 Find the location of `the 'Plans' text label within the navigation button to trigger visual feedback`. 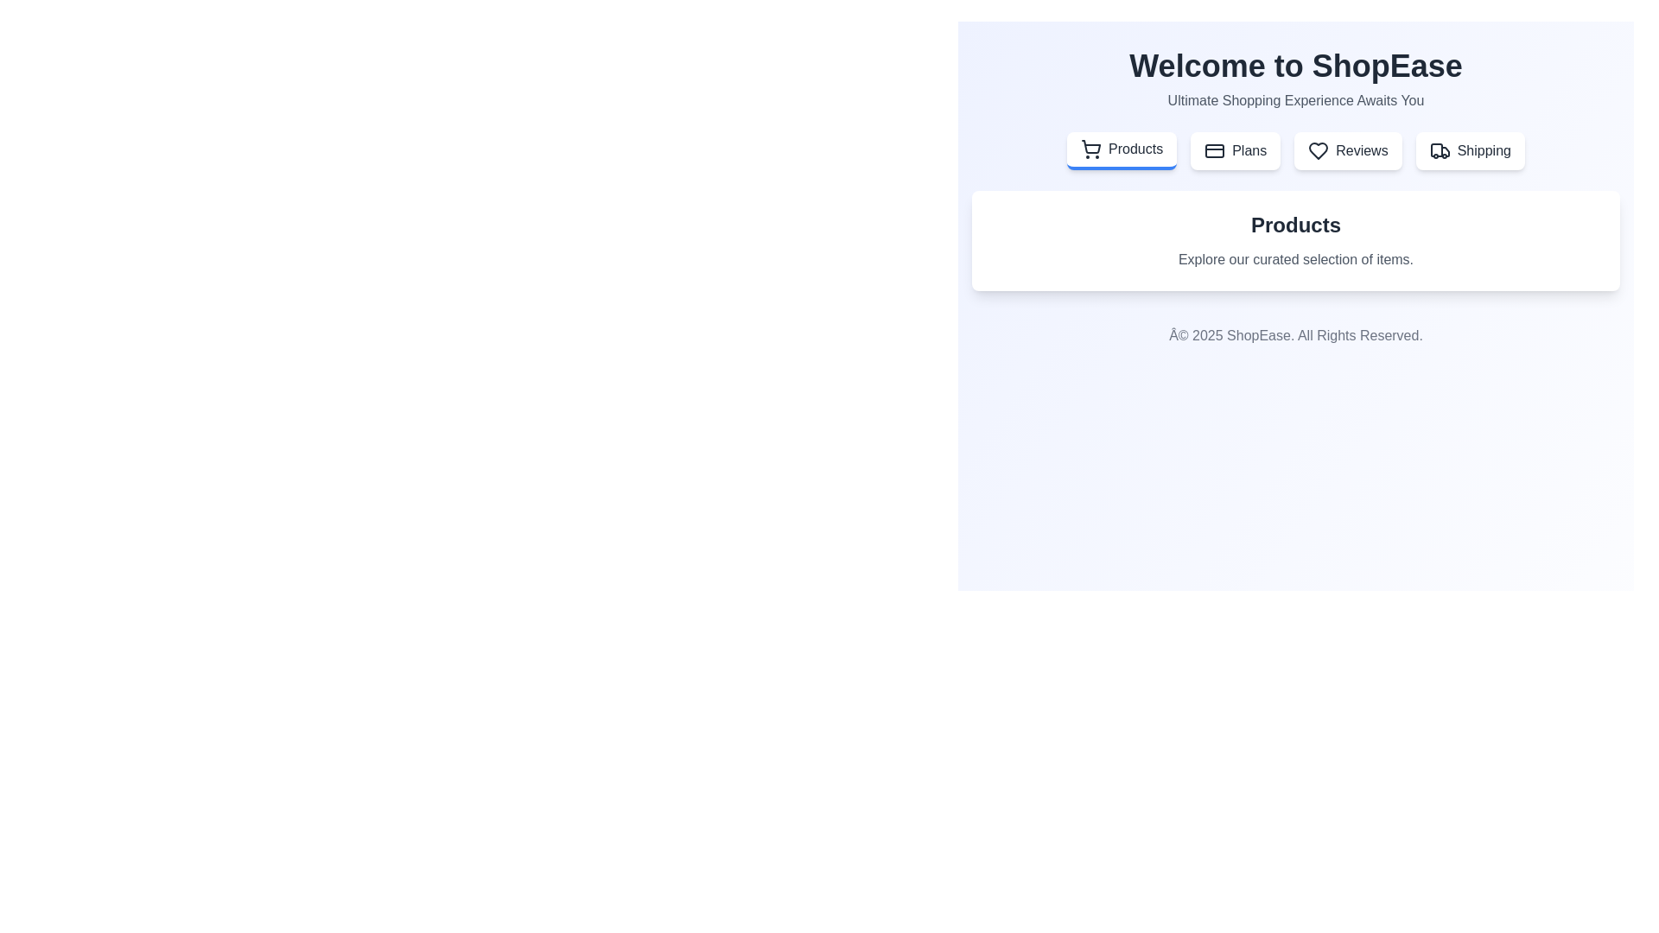

the 'Plans' text label within the navigation button to trigger visual feedback is located at coordinates (1249, 149).